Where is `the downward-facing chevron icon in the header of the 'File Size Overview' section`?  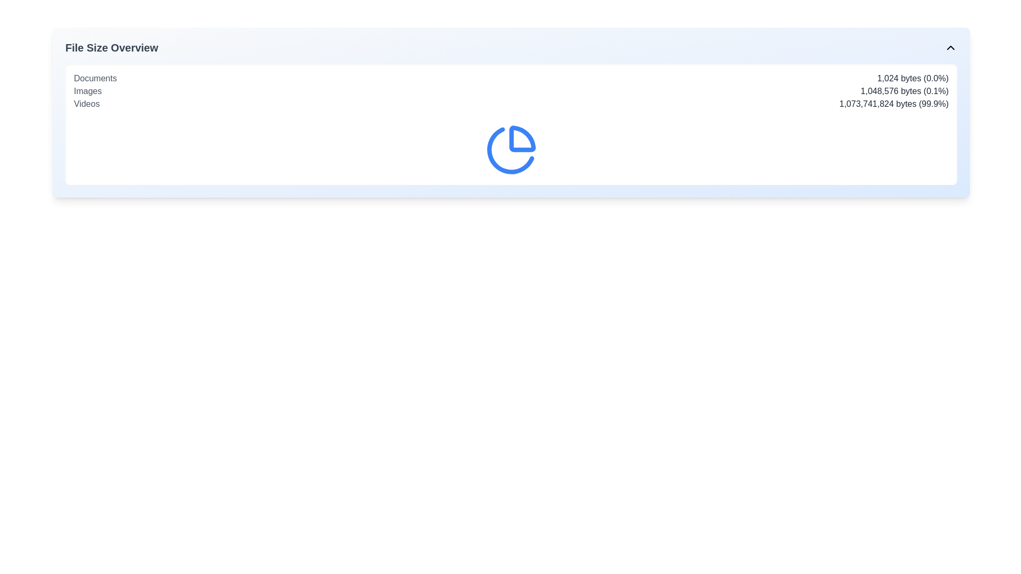 the downward-facing chevron icon in the header of the 'File Size Overview' section is located at coordinates (951, 47).